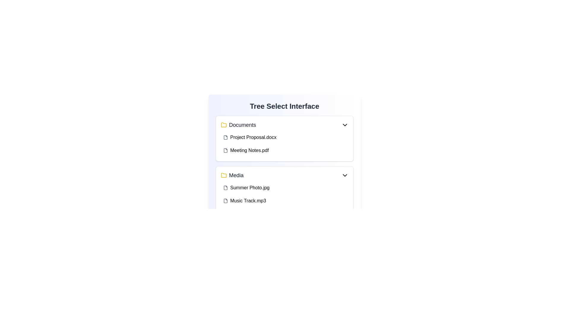  I want to click on the file item 'Summer Photo.jpg' in the Media section of the Tree Select Interface, so click(284, 194).